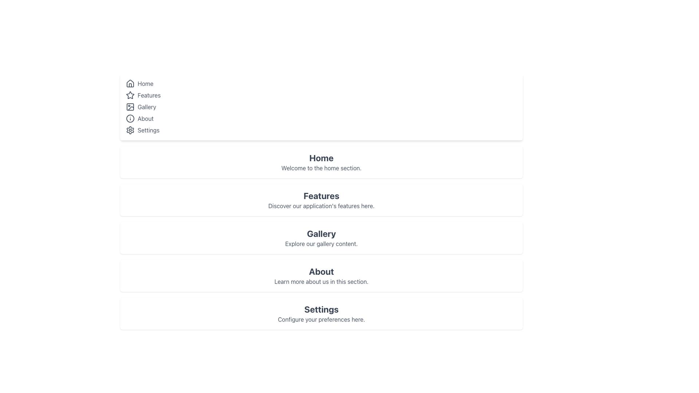 The width and height of the screenshot is (699, 393). Describe the element at coordinates (130, 95) in the screenshot. I see `the 'Features' icon in the sidebar menu` at that location.